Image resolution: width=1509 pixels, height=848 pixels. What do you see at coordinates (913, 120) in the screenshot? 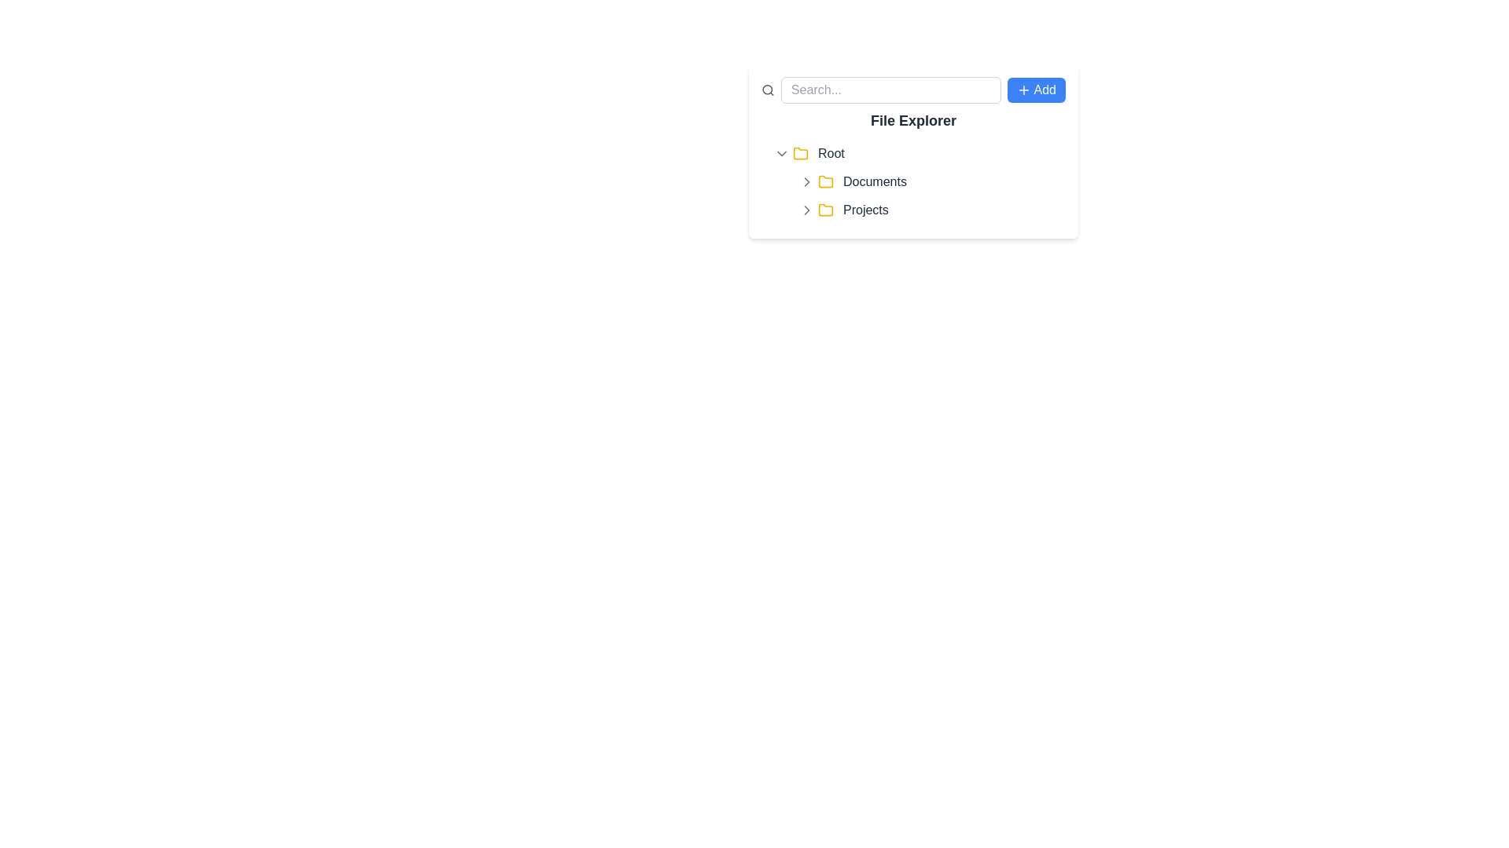
I see `the 'File Explorer' text label, which is prominently displayed in a bold and large font with dark gray color, located below the search bar and the 'Add' button` at bounding box center [913, 120].